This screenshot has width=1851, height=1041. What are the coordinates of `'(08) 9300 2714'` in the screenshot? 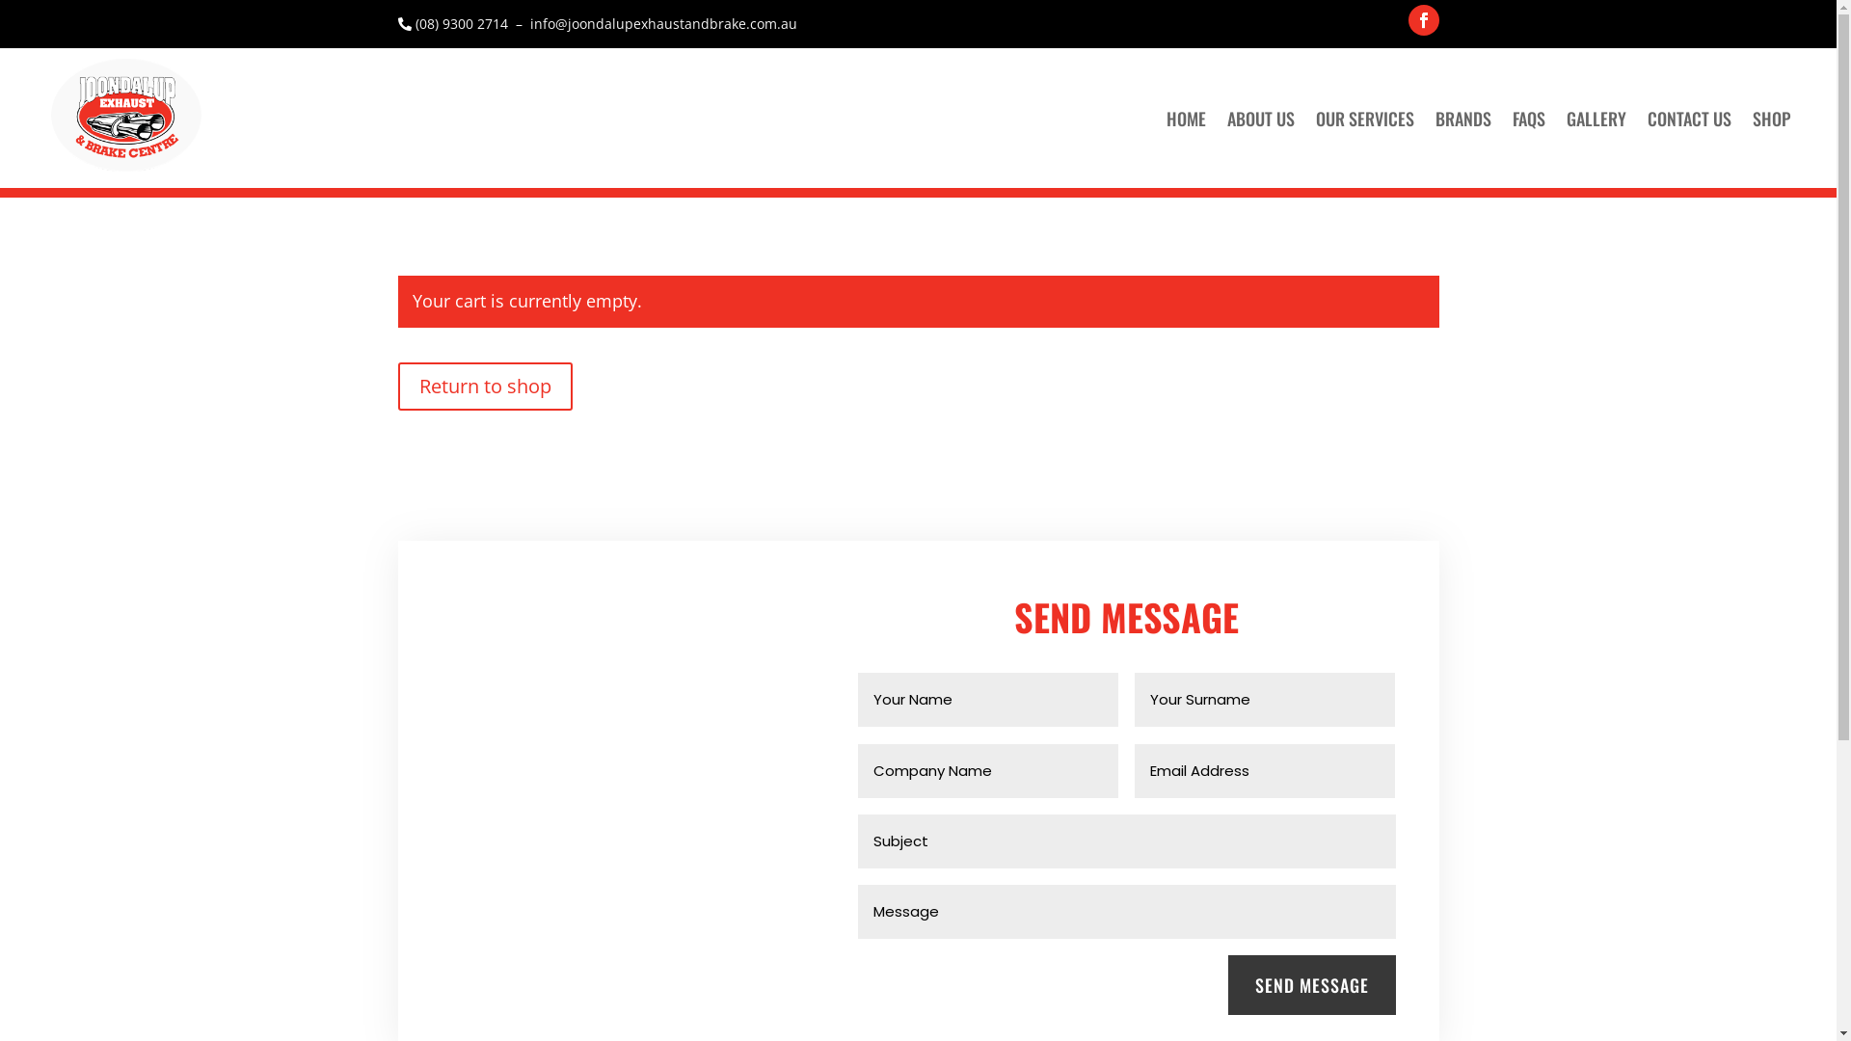 It's located at (415, 23).